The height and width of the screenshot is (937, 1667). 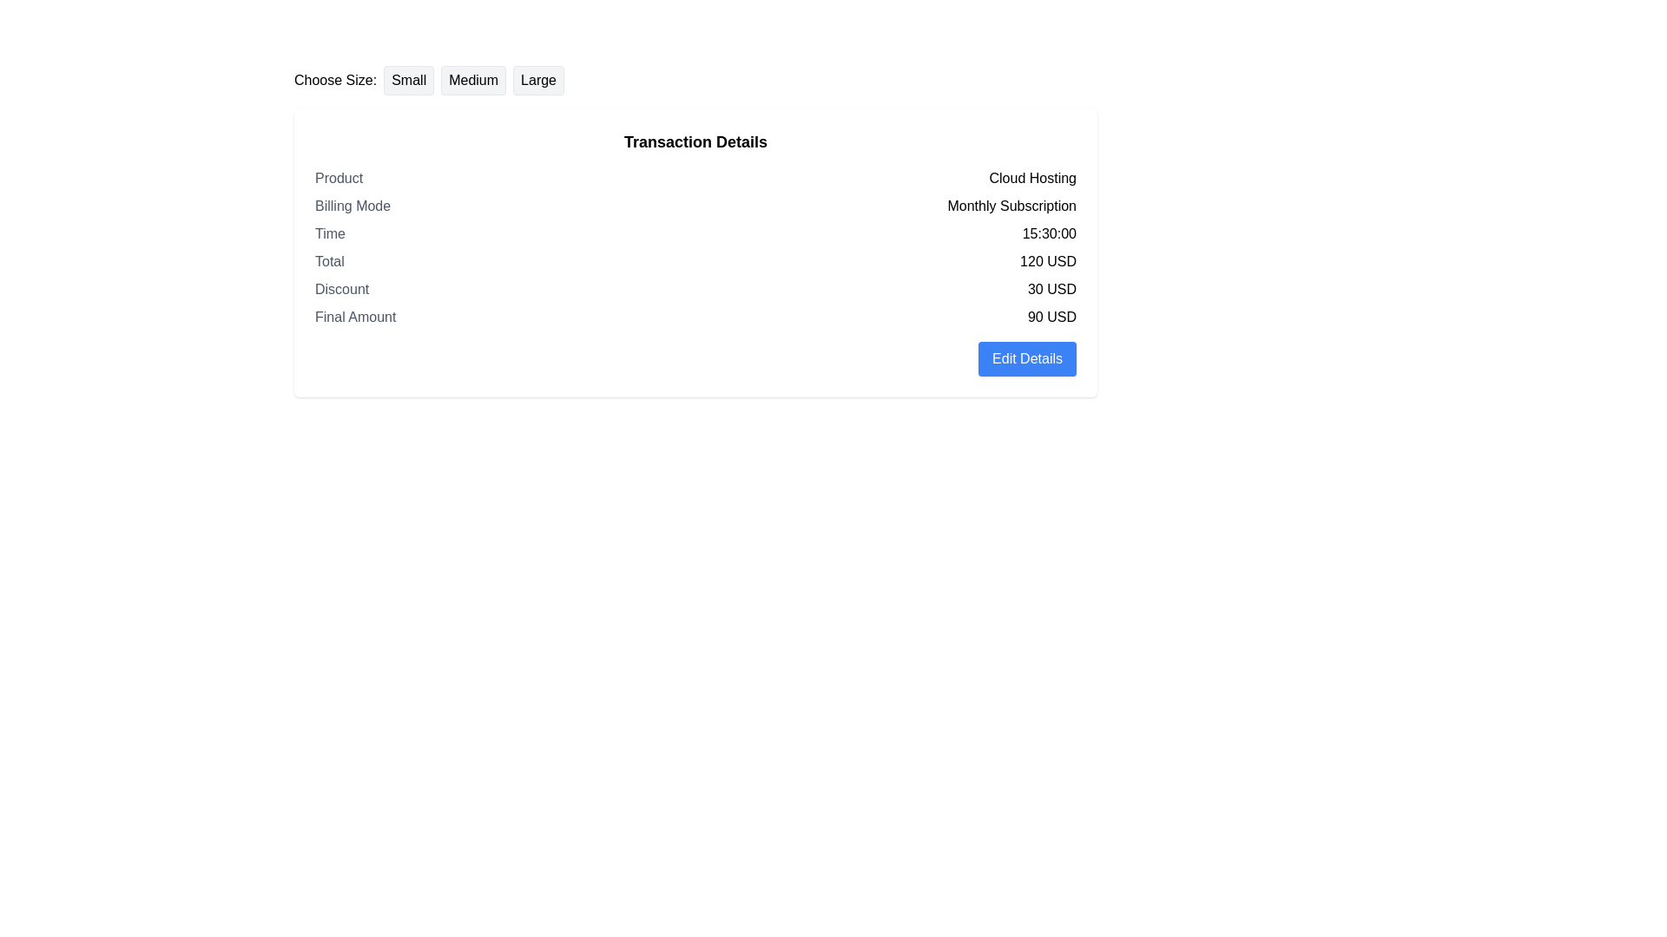 I want to click on the 'Small' size selection button located in the top-left section of the interface, following the 'Choose Size:' text for visual feedback, so click(x=408, y=80).